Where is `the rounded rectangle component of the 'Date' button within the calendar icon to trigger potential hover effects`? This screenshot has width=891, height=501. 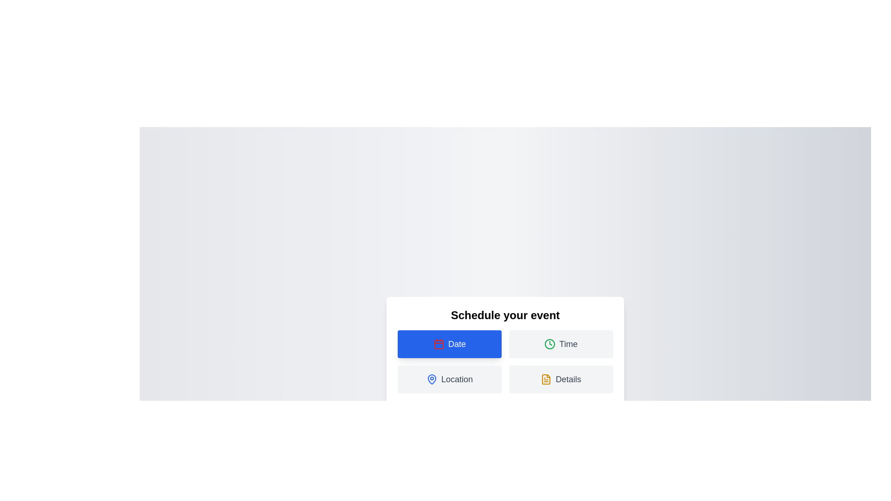
the rounded rectangle component of the 'Date' button within the calendar icon to trigger potential hover effects is located at coordinates (438, 345).